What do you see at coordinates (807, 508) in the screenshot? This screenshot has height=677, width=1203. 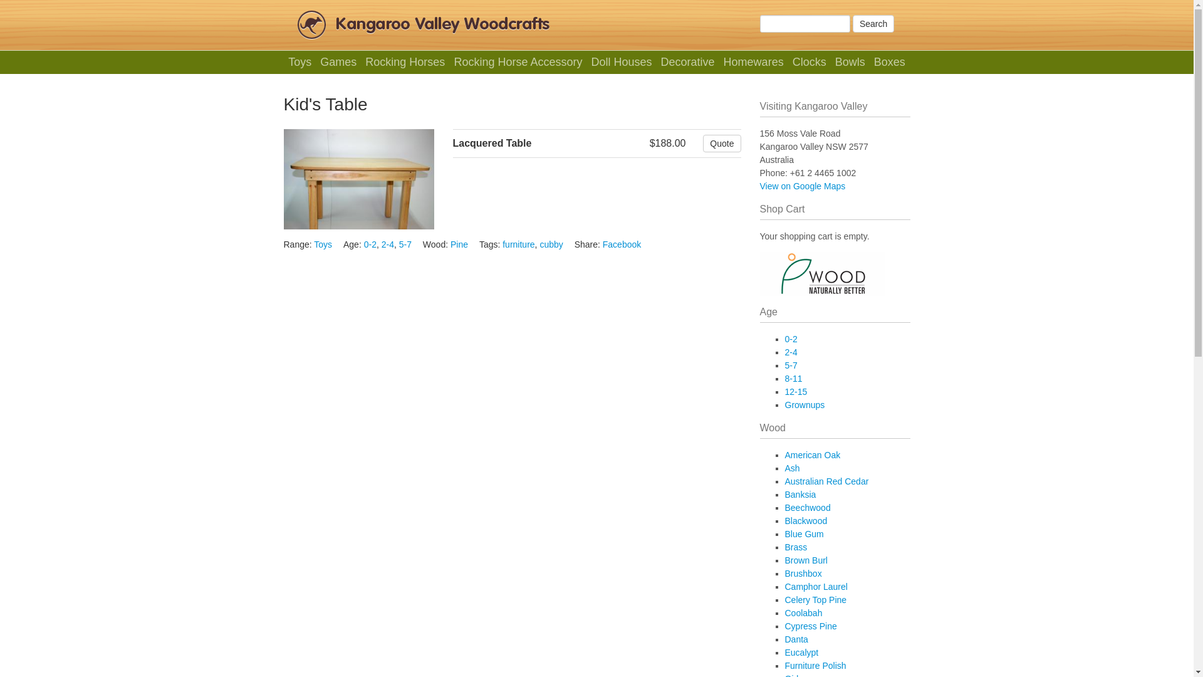 I see `'Beechwood'` at bounding box center [807, 508].